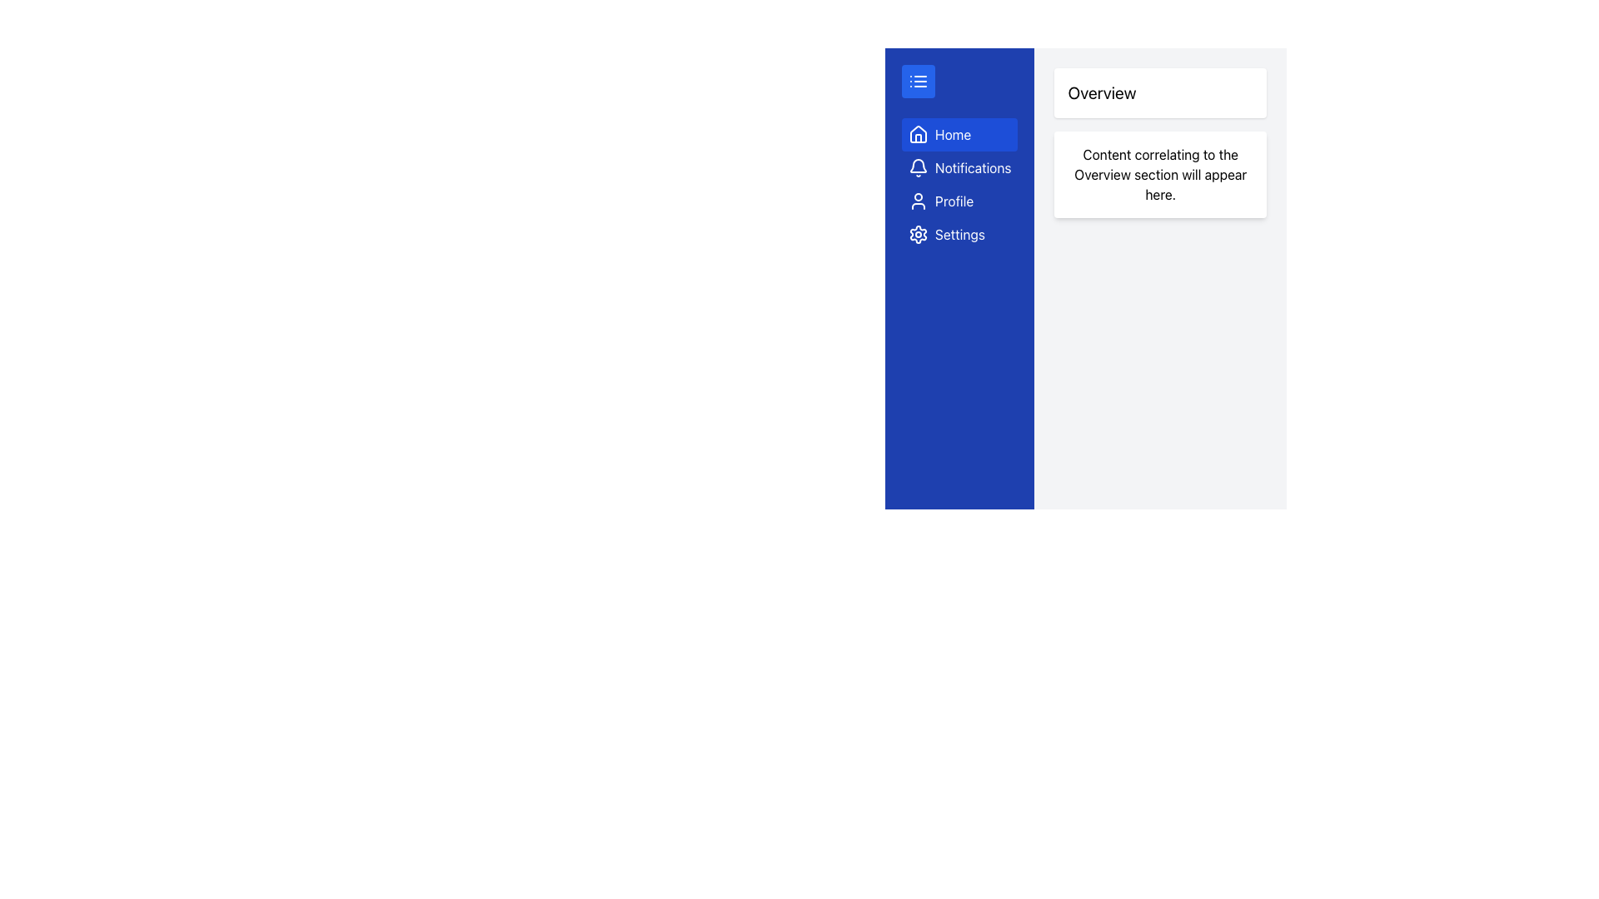 This screenshot has height=899, width=1599. Describe the element at coordinates (959, 234) in the screenshot. I see `the 'Settings' text label located in the vertical navigation bar on the left side of the layout, positioned at the fourth entry with a white font on a dark blue background` at that location.